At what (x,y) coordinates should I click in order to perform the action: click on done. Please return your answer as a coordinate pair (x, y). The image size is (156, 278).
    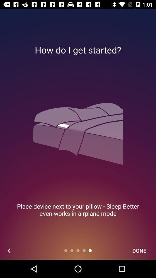
    Looking at the image, I should click on (139, 250).